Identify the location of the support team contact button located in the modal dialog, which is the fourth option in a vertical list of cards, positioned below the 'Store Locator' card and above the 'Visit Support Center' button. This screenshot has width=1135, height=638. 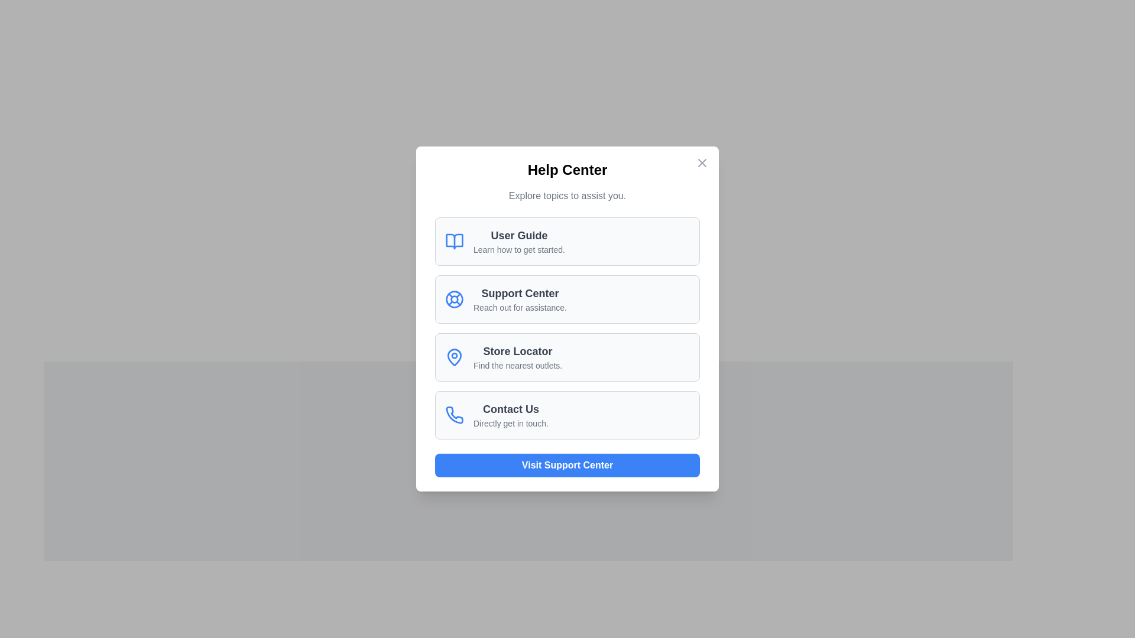
(567, 414).